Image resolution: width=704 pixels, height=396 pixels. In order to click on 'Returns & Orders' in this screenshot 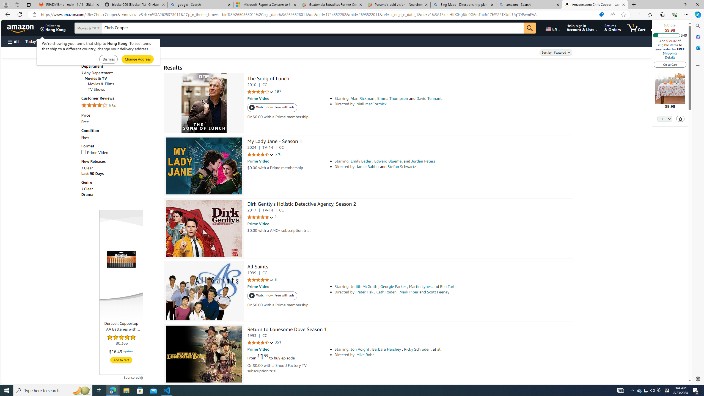, I will do `click(612, 28)`.